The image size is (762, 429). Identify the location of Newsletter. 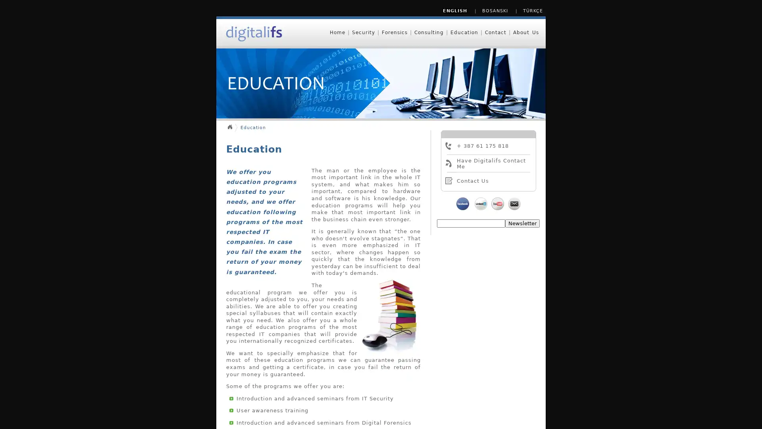
(522, 223).